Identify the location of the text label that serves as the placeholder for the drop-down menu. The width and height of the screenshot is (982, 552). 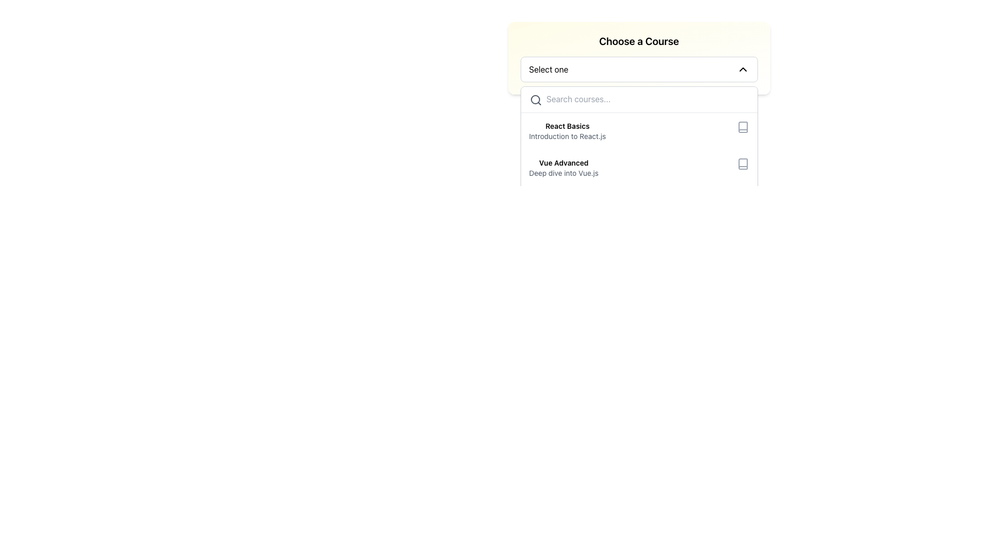
(548, 69).